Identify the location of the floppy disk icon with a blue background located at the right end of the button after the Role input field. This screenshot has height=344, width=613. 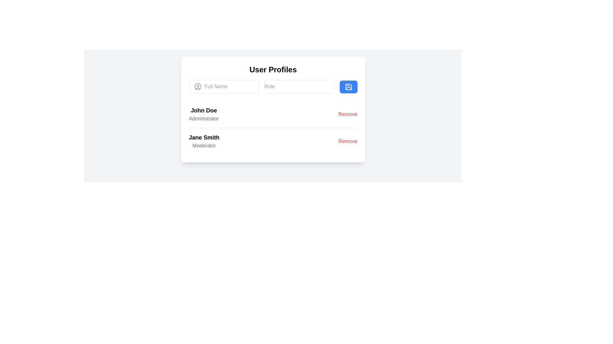
(348, 87).